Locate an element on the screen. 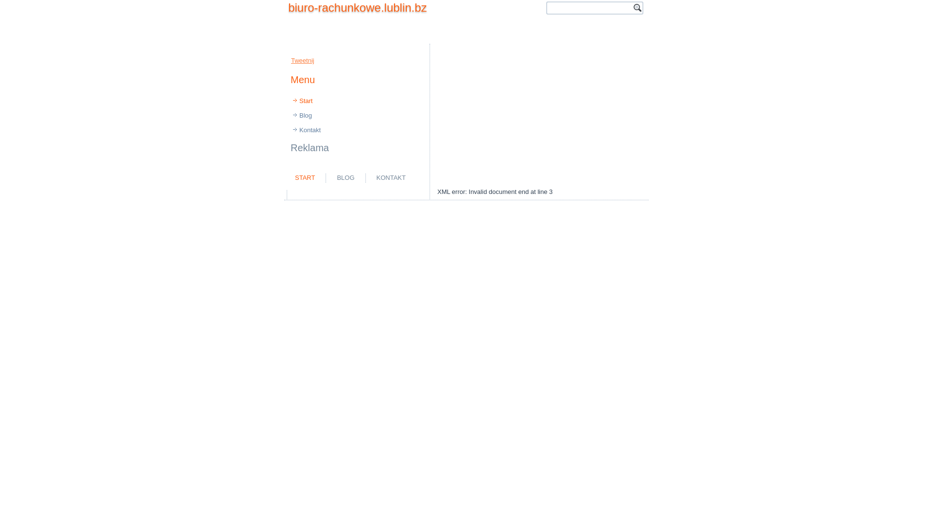  'Advertisement' is located at coordinates (403, 194).